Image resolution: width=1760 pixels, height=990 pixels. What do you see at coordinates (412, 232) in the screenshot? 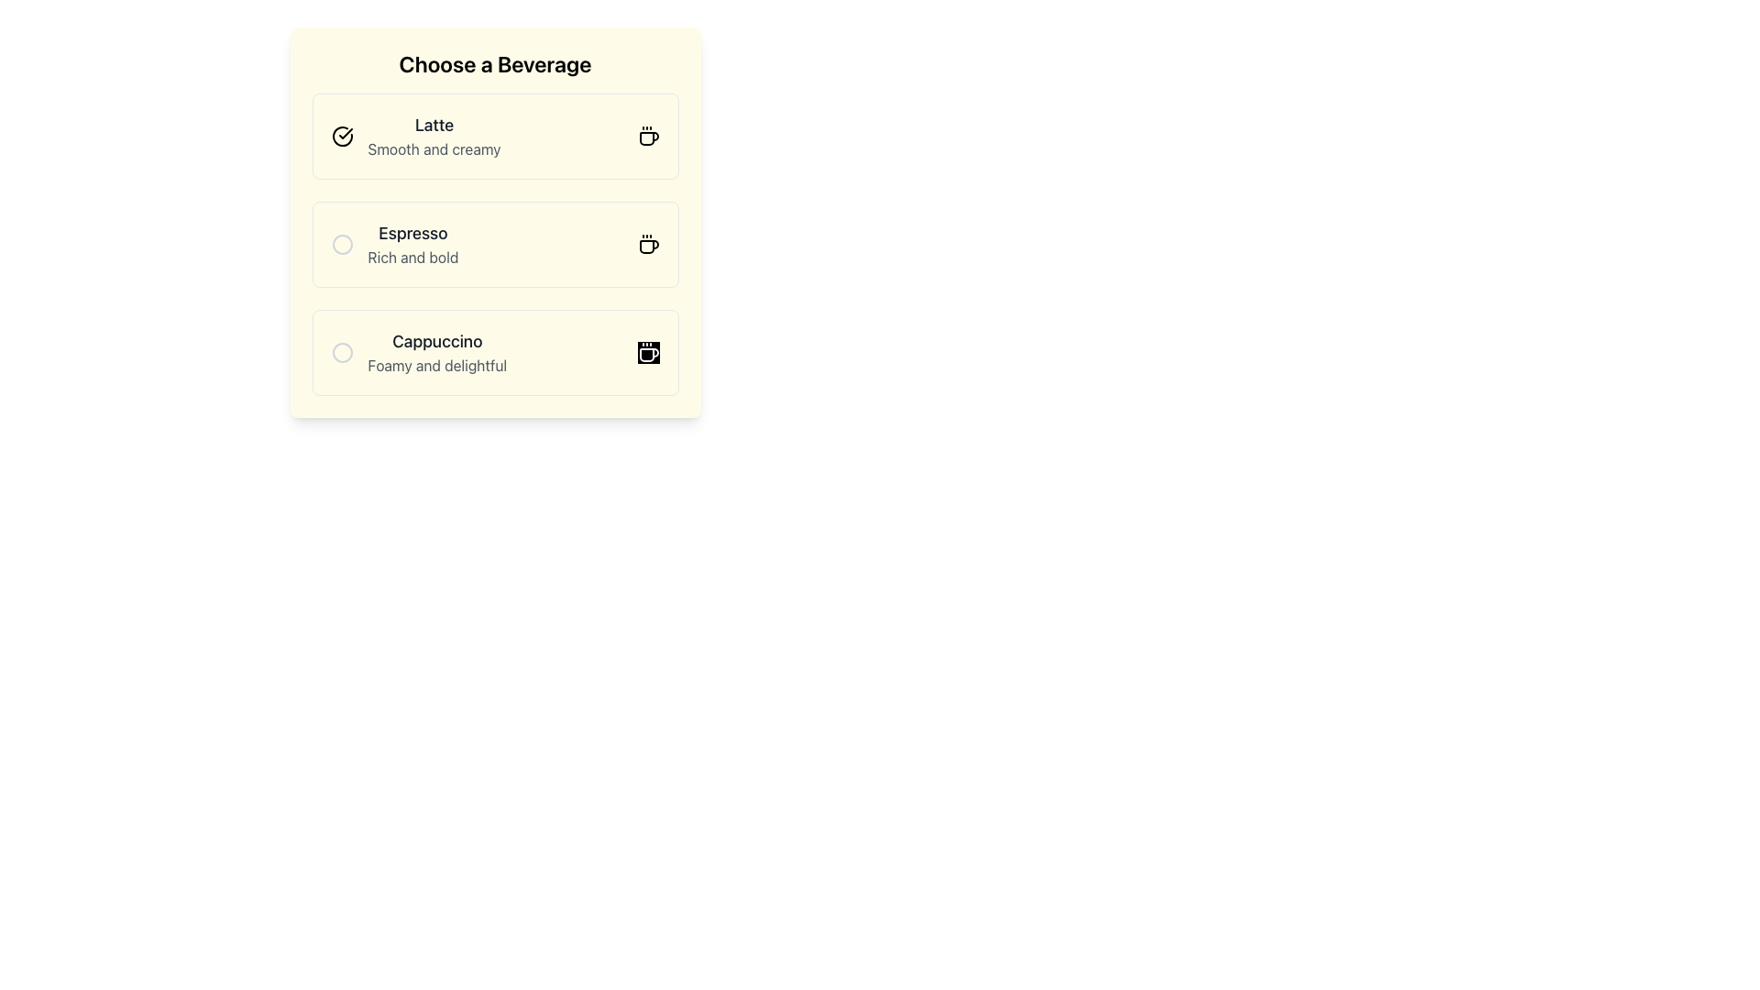
I see `the 'Espresso' label, which is the main title of the second beverage option, styled in a bold font and positioned above the 'Cappuccino' option` at bounding box center [412, 232].